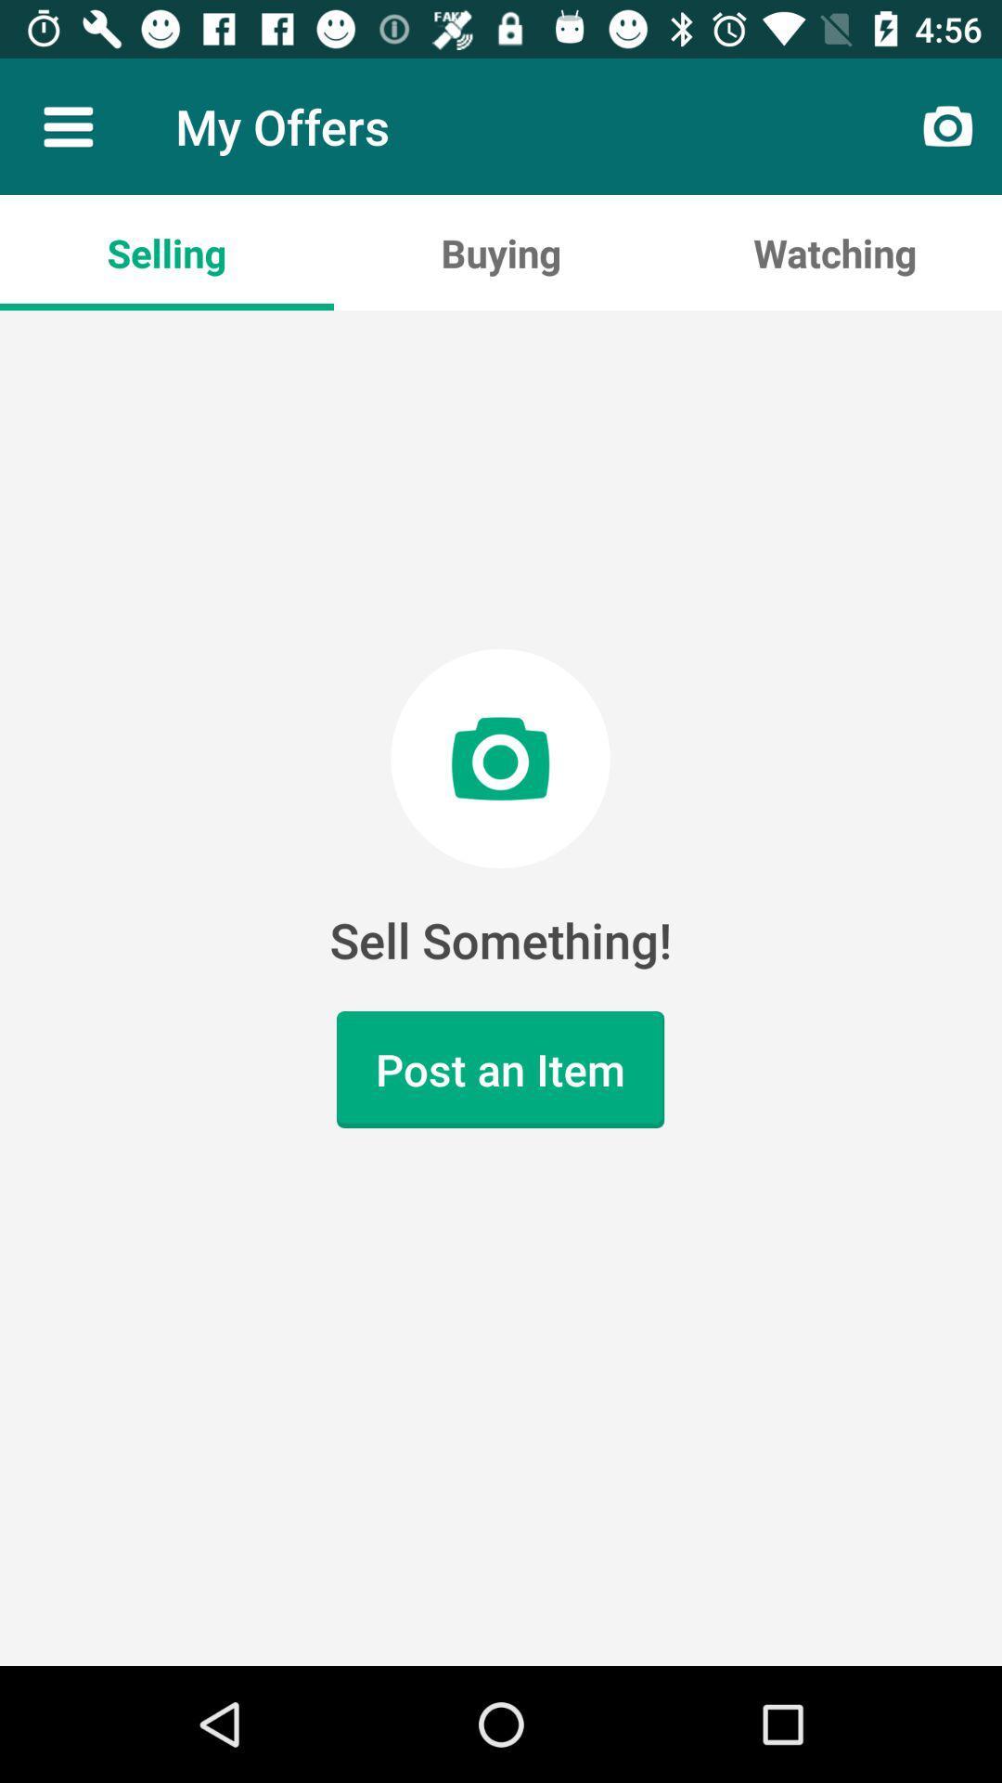 This screenshot has height=1783, width=1002. I want to click on watching app, so click(833, 252).